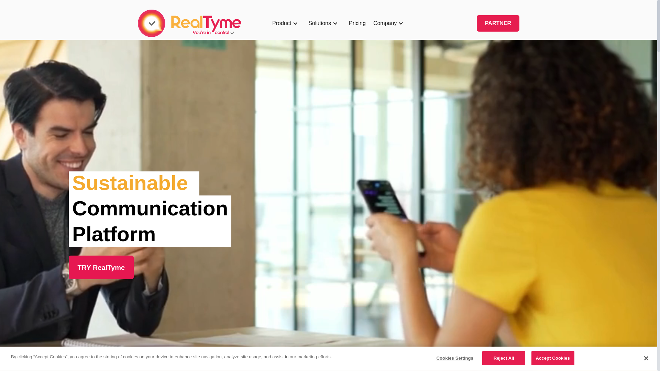  Describe the element at coordinates (101, 267) in the screenshot. I see `'TRY RealTyme'` at that location.